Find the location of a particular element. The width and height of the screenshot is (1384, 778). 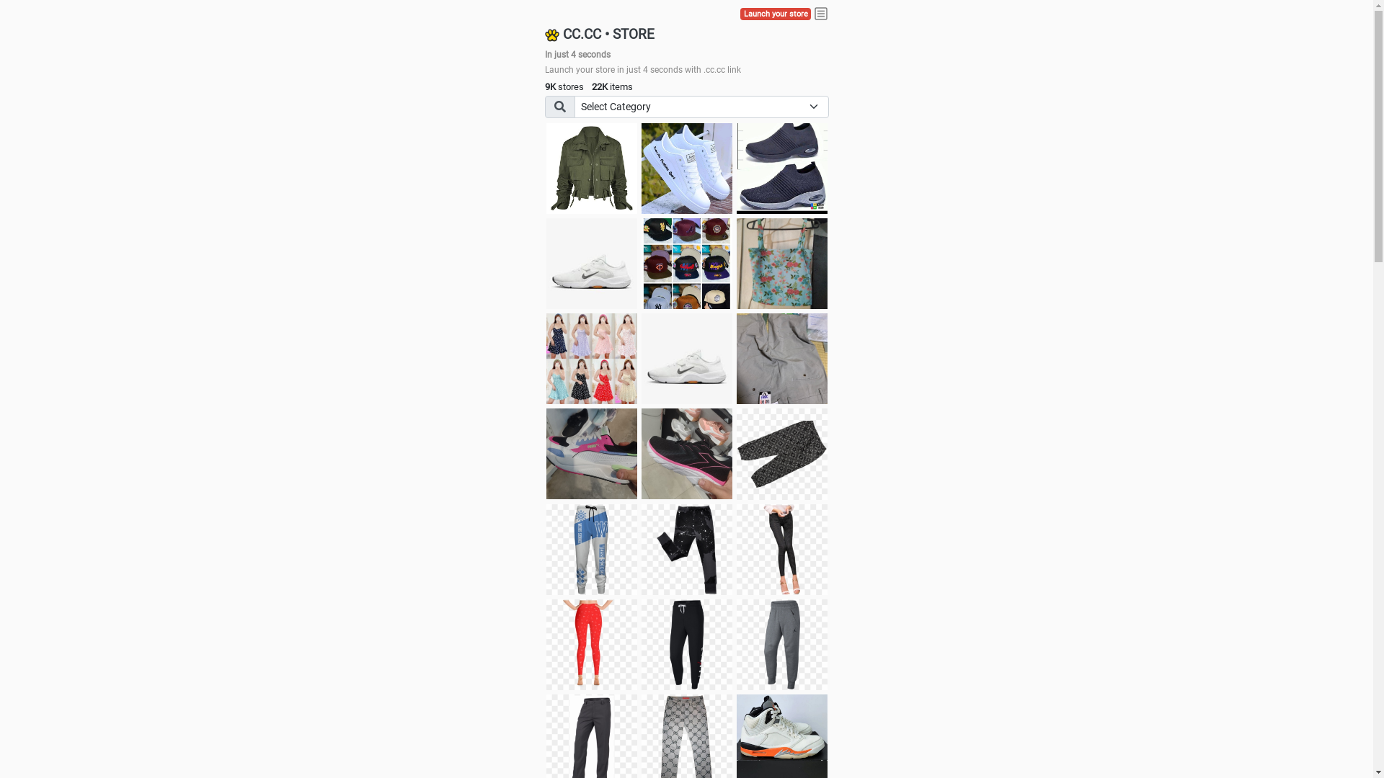

'Things we need' is located at coordinates (640, 264).